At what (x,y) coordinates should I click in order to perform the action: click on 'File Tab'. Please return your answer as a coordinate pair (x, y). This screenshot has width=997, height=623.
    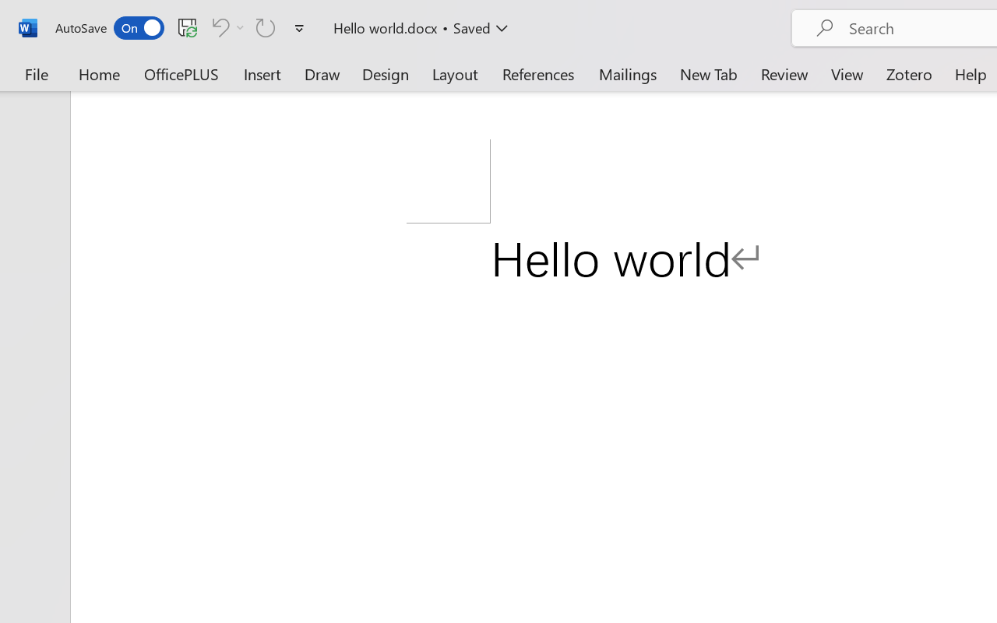
    Looking at the image, I should click on (36, 73).